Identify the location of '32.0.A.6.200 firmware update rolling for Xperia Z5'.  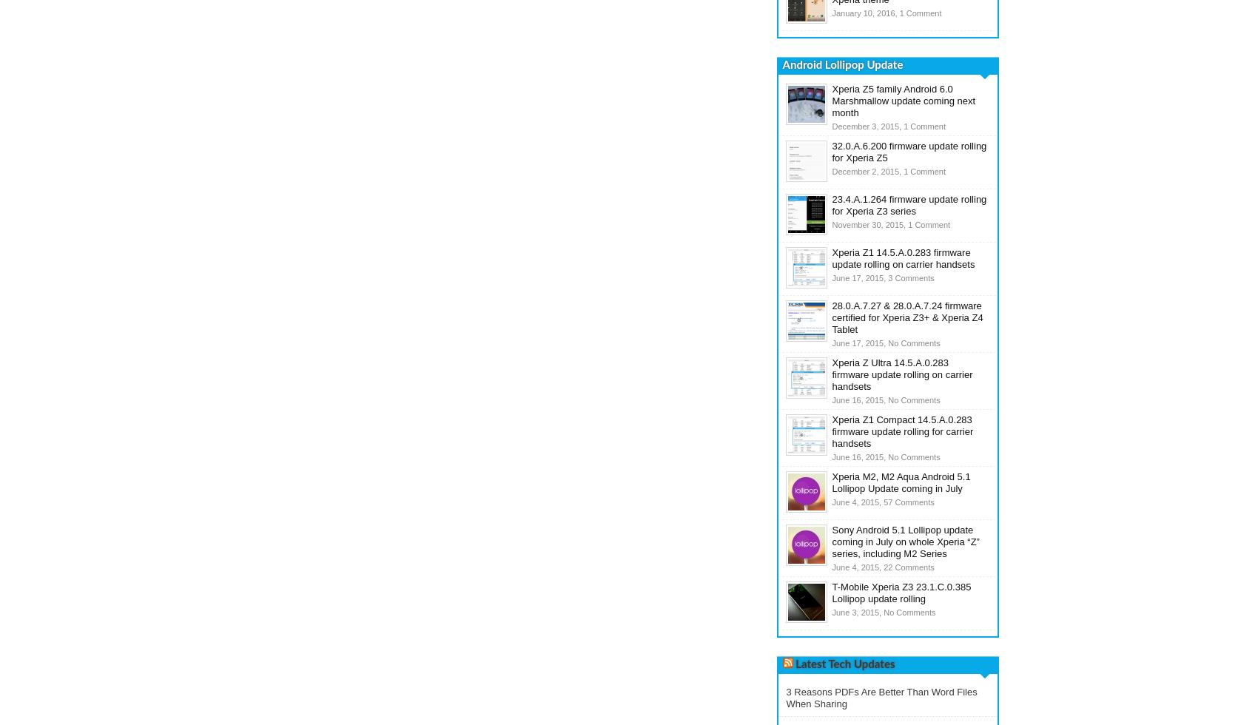
(908, 152).